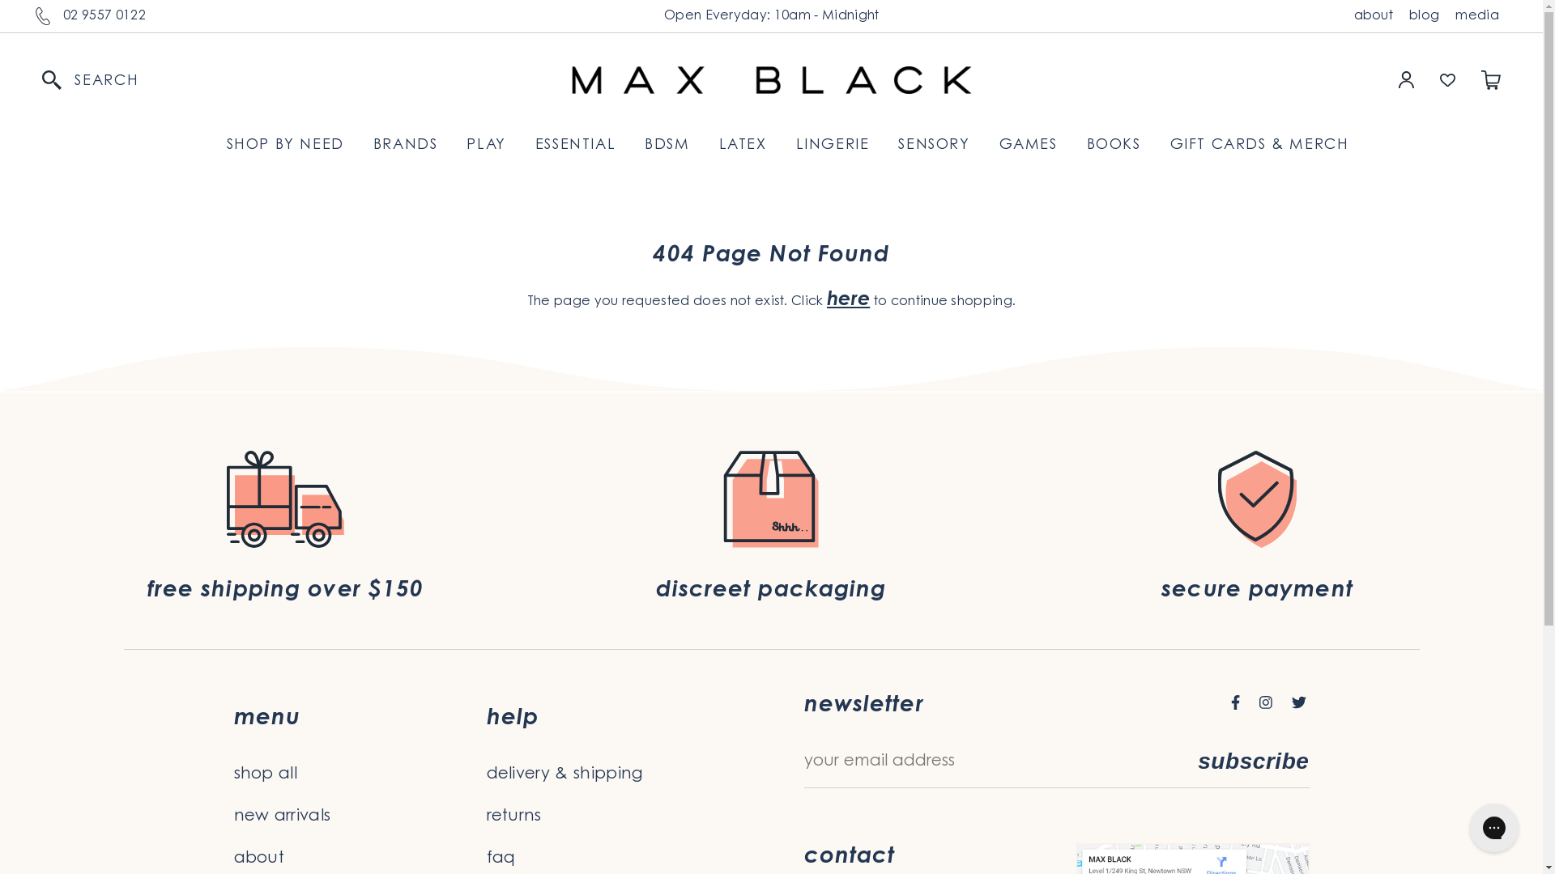 This screenshot has height=874, width=1555. Describe the element at coordinates (847, 299) in the screenshot. I see `'here'` at that location.